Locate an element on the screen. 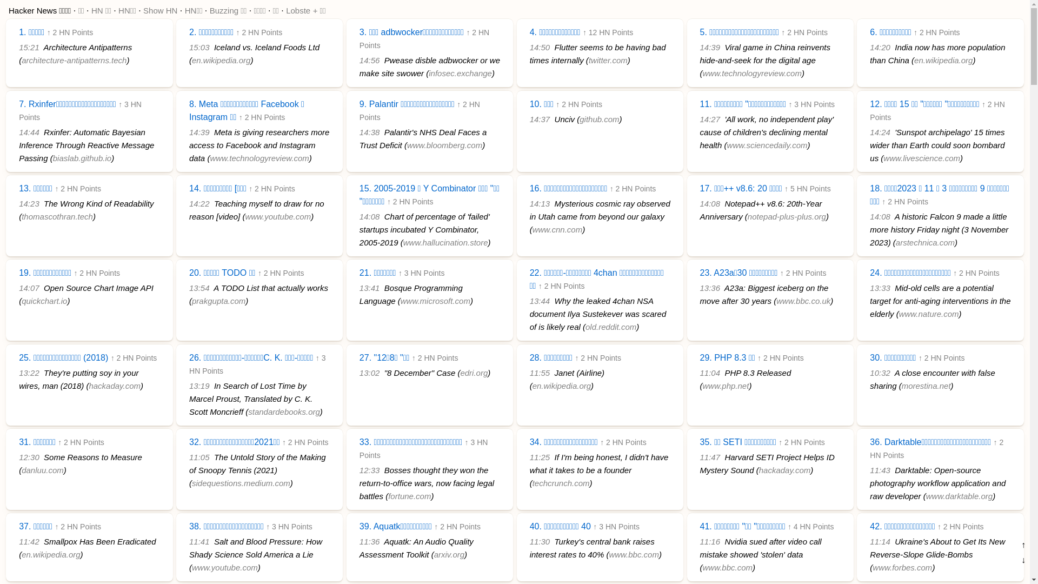 The width and height of the screenshot is (1038, 584). '14:44' is located at coordinates (29, 131).